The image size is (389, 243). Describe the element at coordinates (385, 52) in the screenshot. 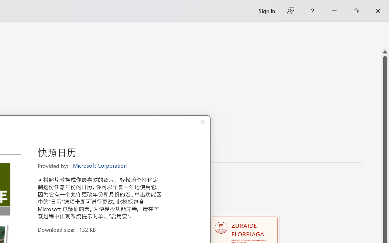

I see `'Line up'` at that location.